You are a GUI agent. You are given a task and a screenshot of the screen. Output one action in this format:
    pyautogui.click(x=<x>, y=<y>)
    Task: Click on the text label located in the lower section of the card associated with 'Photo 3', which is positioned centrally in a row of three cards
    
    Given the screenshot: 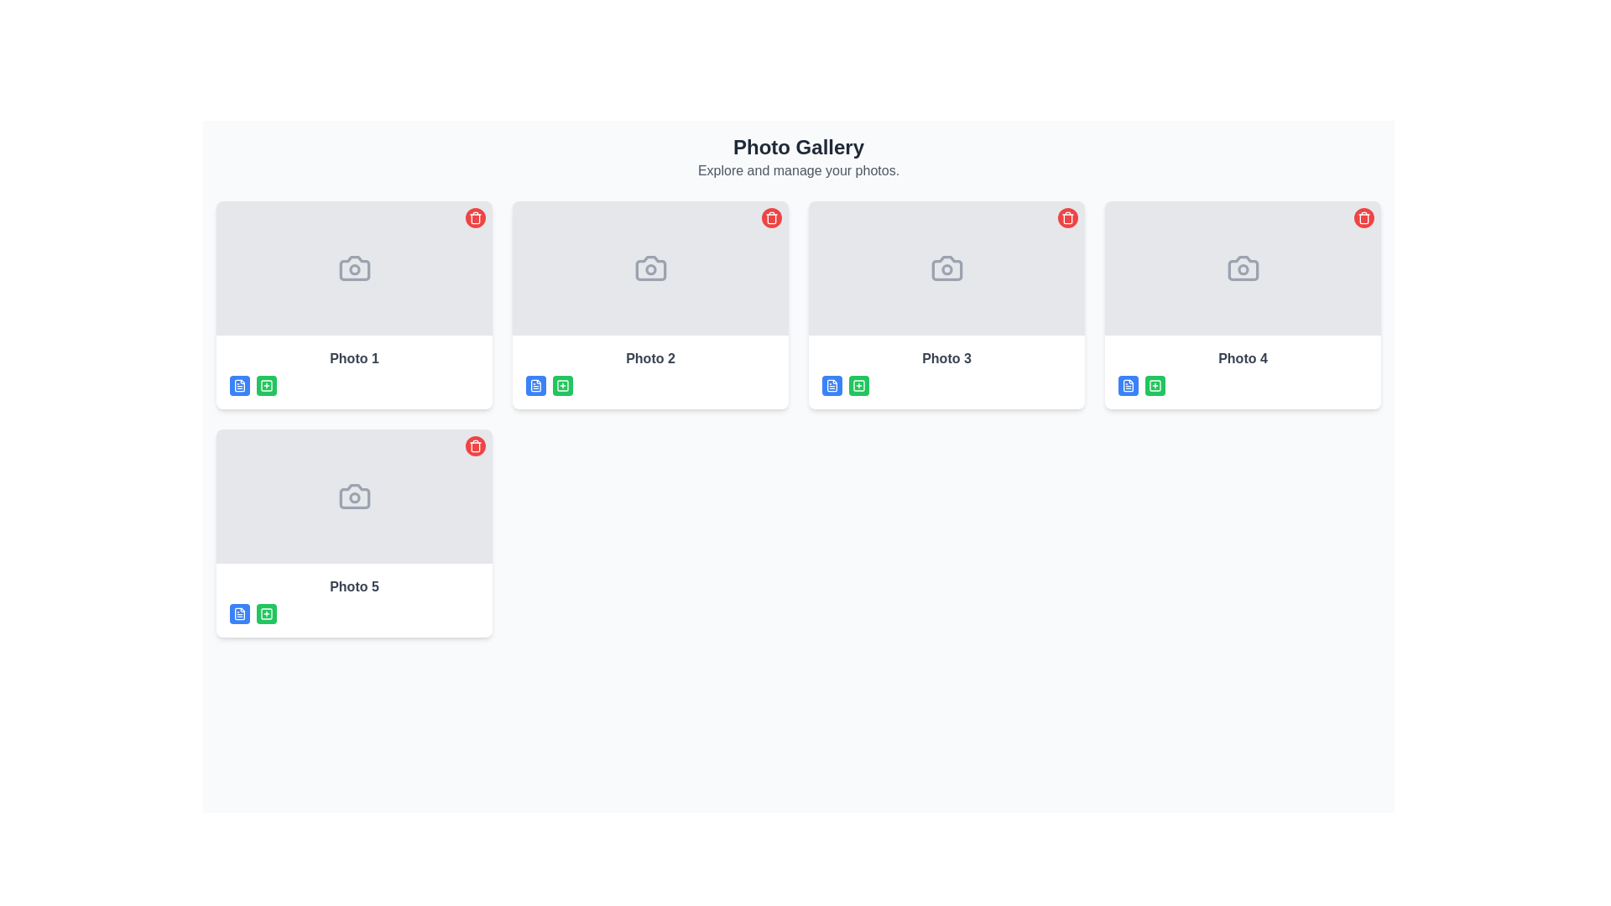 What is the action you would take?
    pyautogui.click(x=946, y=371)
    